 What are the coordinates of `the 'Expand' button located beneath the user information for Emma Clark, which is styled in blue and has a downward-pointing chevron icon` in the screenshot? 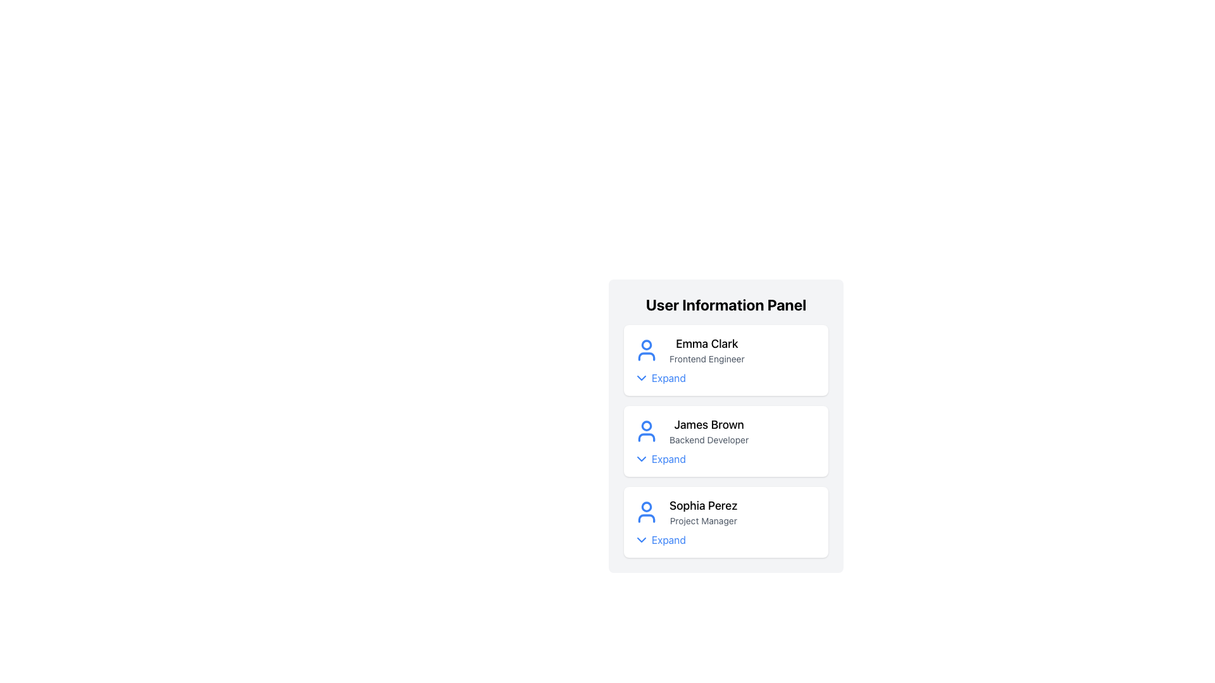 It's located at (659, 377).